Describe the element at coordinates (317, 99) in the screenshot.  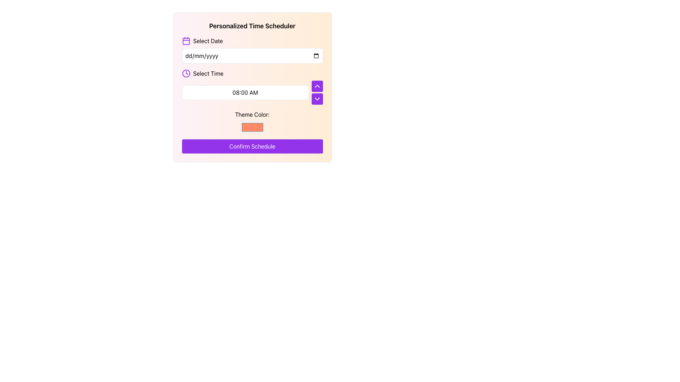
I see `the small square button with a purple background and a downwards arrow icon to decrease the time` at that location.